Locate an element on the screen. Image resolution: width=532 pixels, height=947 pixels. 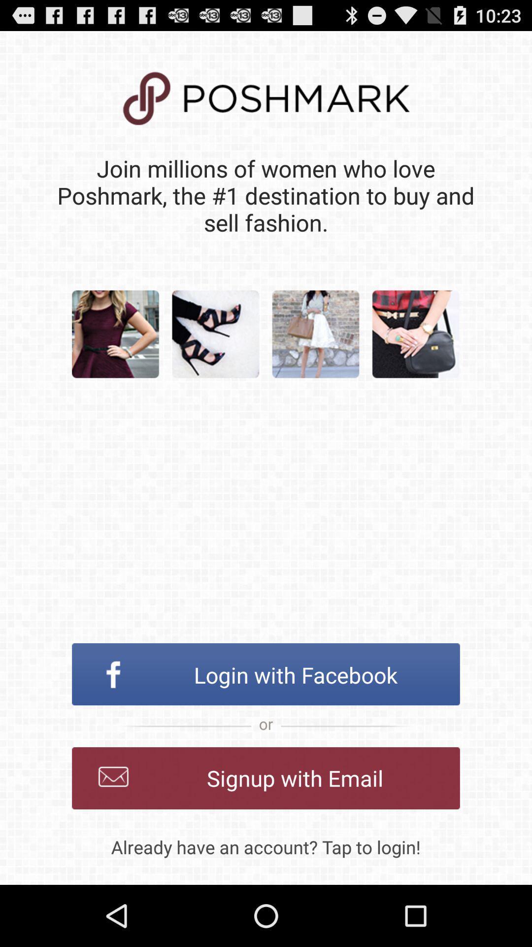
signup with email item is located at coordinates (266, 778).